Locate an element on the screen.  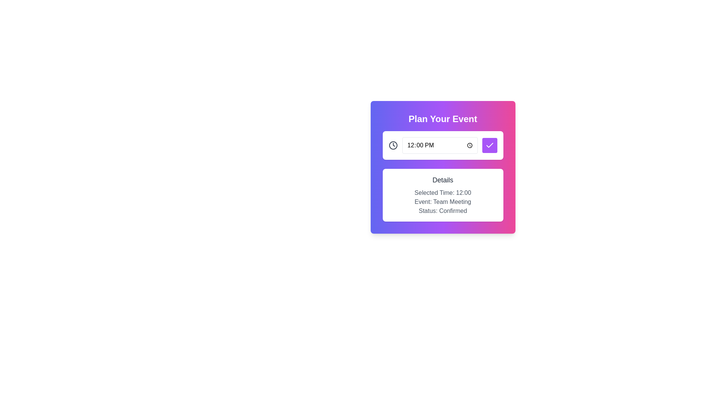
the visual indication of the checkmark icon, which is part of a button located to the right of the time input area in a scheduling widget is located at coordinates (489, 145).